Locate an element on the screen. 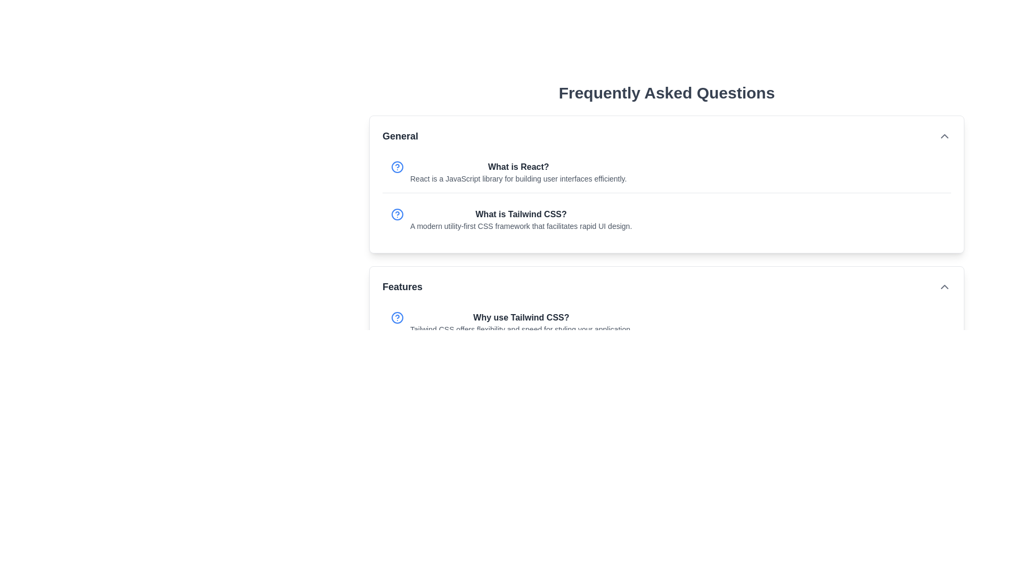  descriptive answer text located under the question 'What is Tailwind CSS?' in the General FAQ section is located at coordinates (521, 225).